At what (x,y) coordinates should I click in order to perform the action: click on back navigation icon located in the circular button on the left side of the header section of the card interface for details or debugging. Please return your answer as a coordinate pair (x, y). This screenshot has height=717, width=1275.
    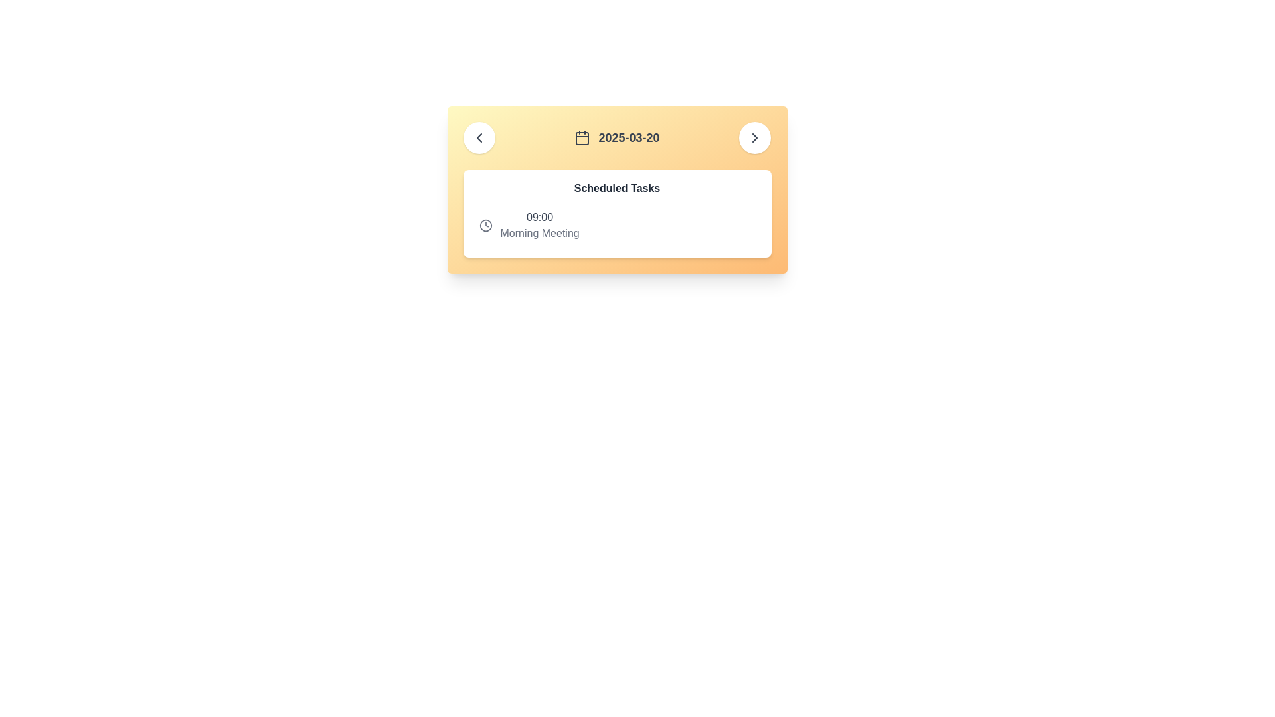
    Looking at the image, I should click on (478, 138).